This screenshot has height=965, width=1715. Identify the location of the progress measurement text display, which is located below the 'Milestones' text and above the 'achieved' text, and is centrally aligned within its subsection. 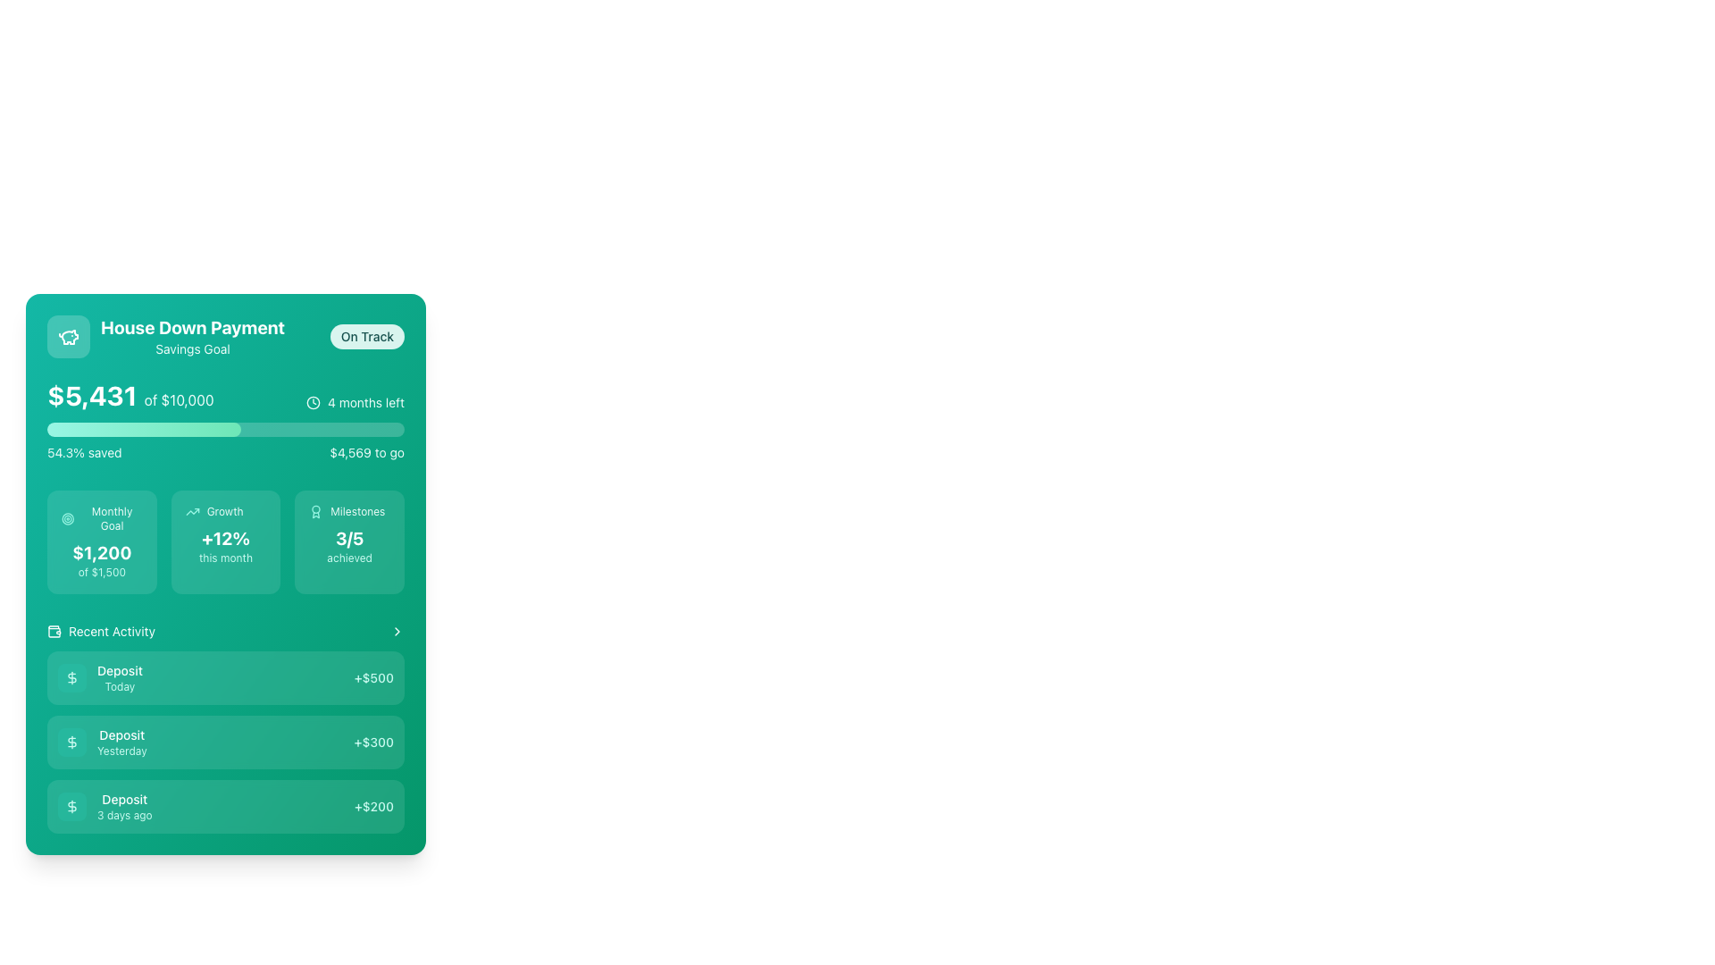
(349, 537).